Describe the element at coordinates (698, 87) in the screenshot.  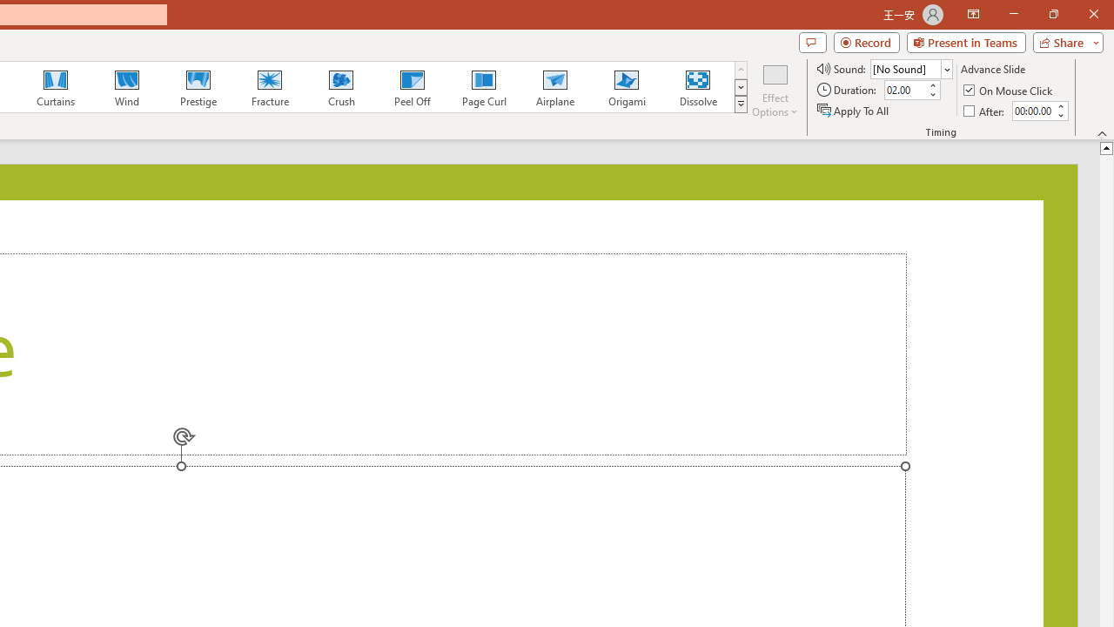
I see `'Dissolve'` at that location.